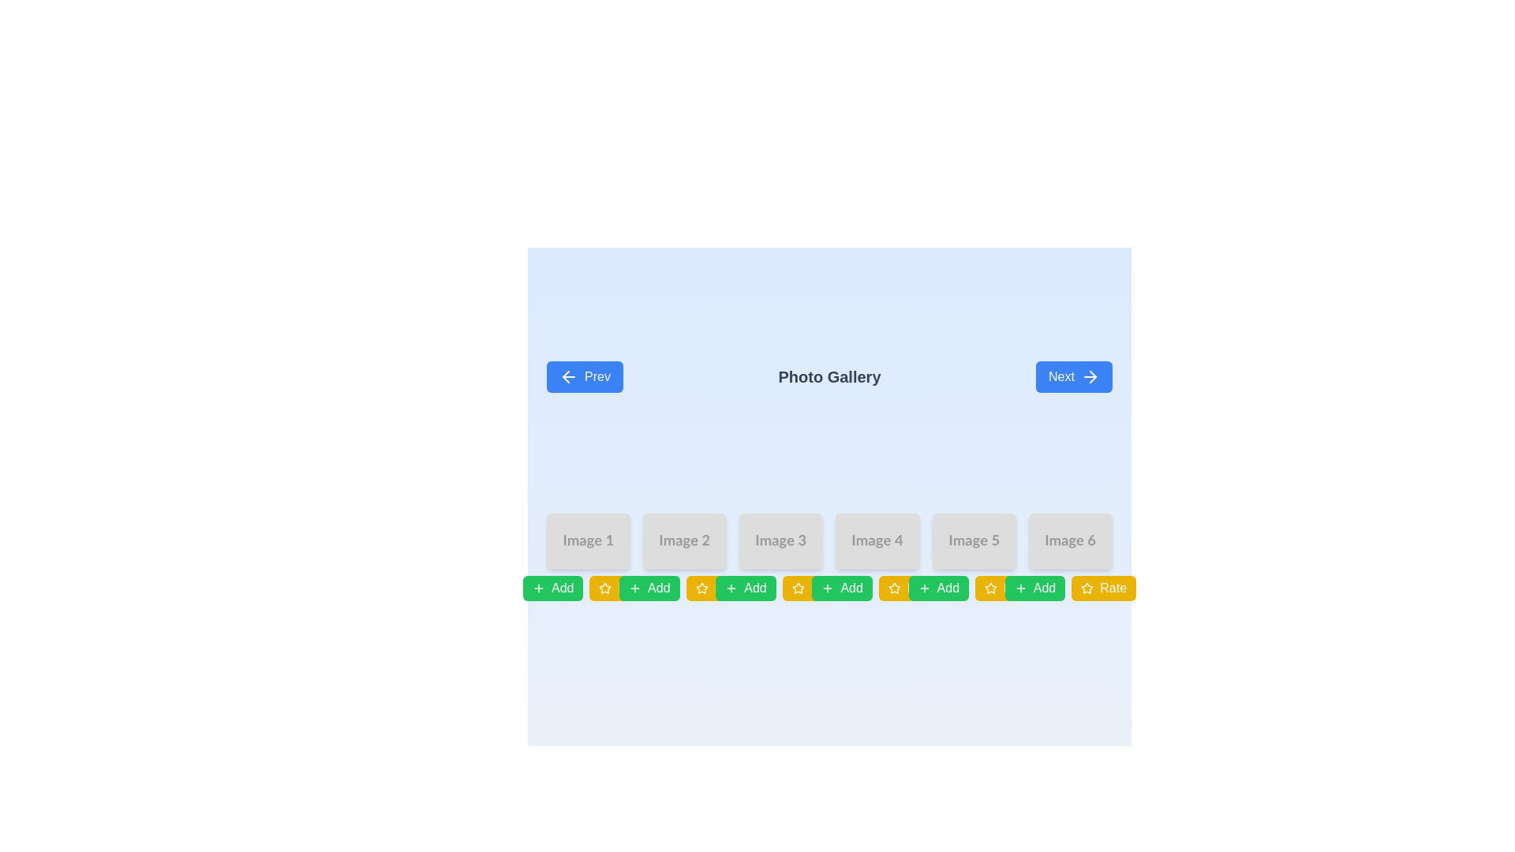  What do you see at coordinates (938, 588) in the screenshot?
I see `the green '+' button labeled 'Add' located below 'Image 5' to possibly change its appearance` at bounding box center [938, 588].